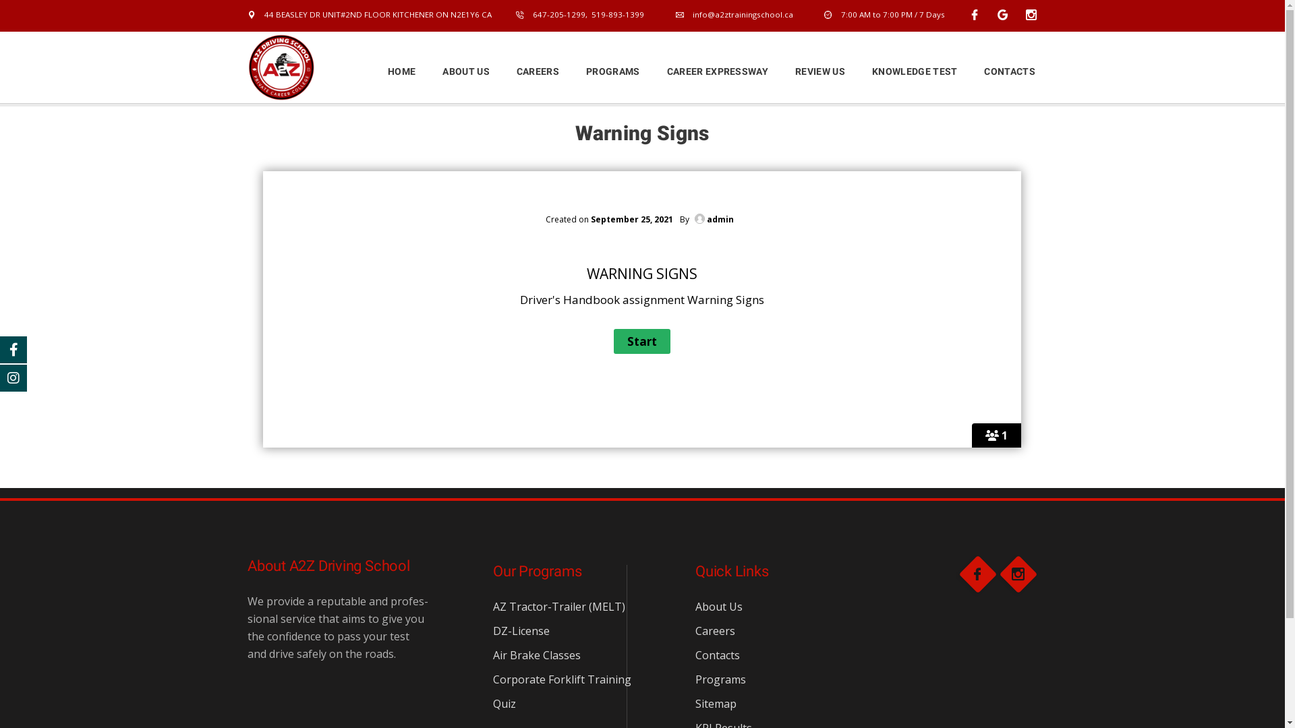 This screenshot has height=728, width=1295. Describe the element at coordinates (695, 679) in the screenshot. I see `'Programs'` at that location.